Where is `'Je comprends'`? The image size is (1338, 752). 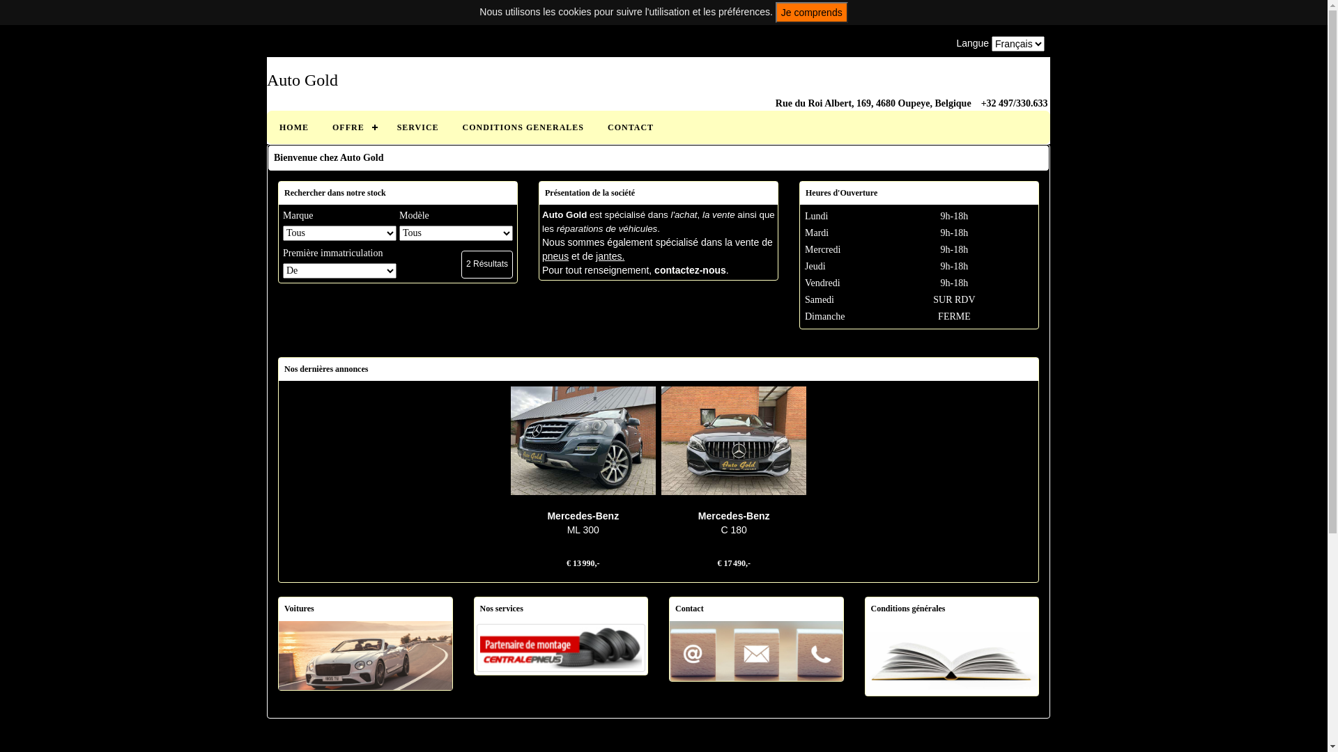 'Je comprends' is located at coordinates (775, 13).